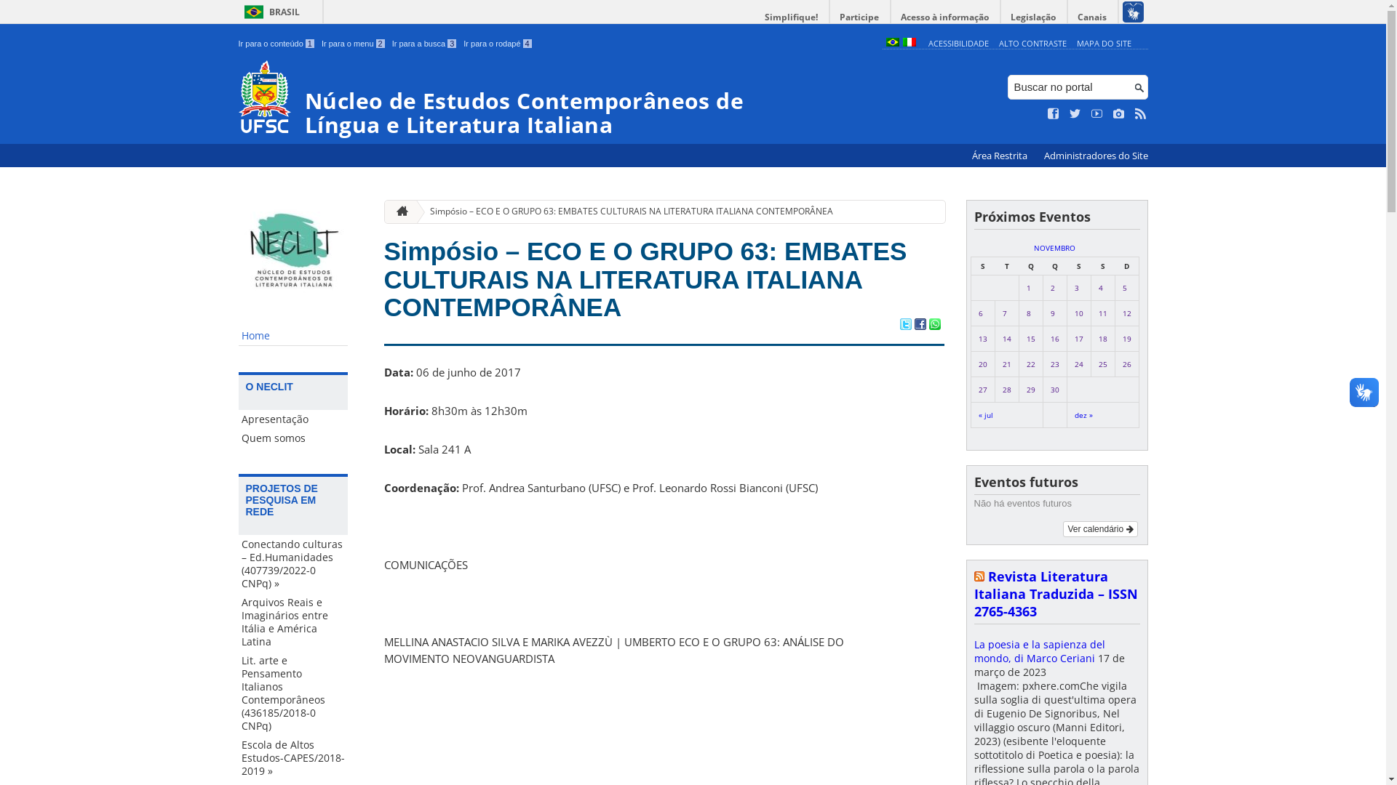 The height and width of the screenshot is (785, 1397). I want to click on '19', so click(1125, 339).